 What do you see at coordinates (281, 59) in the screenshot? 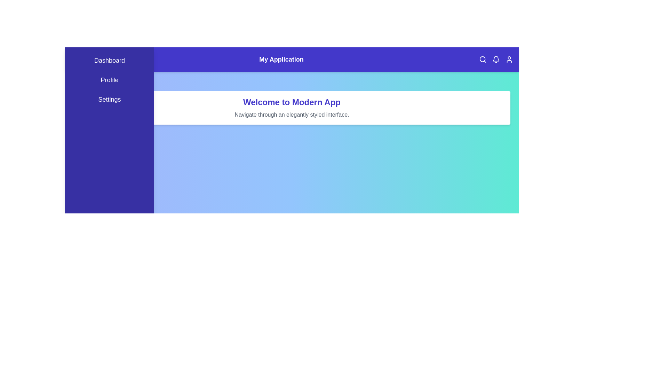
I see `the text element My Application` at bounding box center [281, 59].